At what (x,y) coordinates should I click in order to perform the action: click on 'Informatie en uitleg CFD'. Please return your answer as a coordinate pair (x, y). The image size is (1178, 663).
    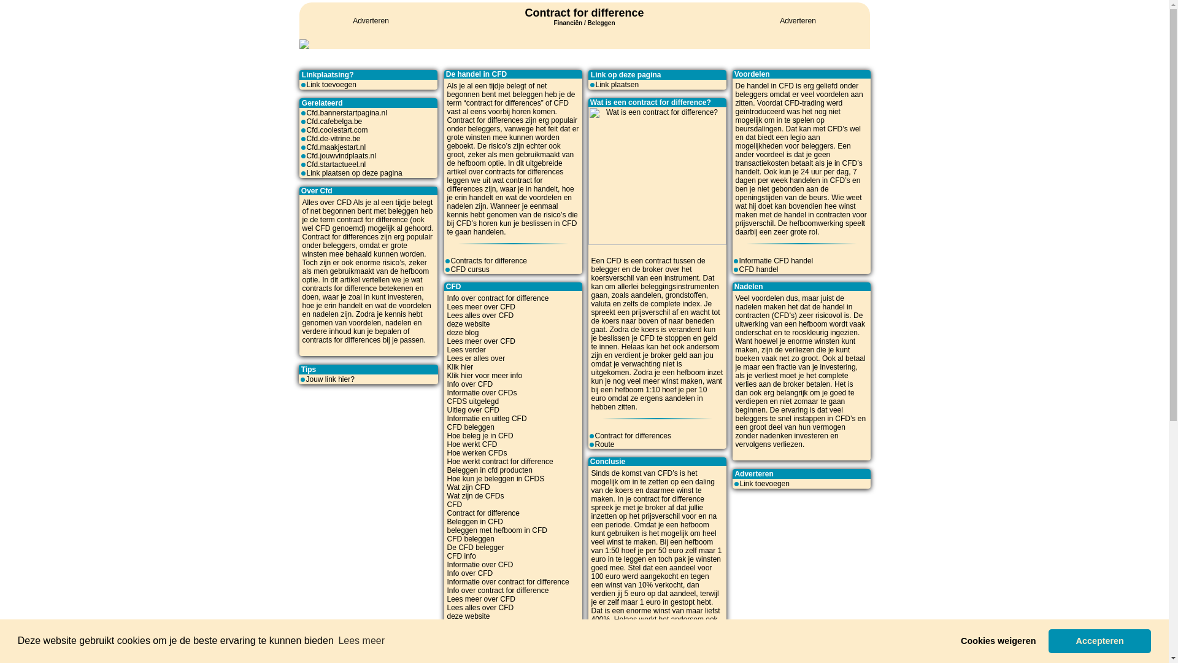
    Looking at the image, I should click on (446, 418).